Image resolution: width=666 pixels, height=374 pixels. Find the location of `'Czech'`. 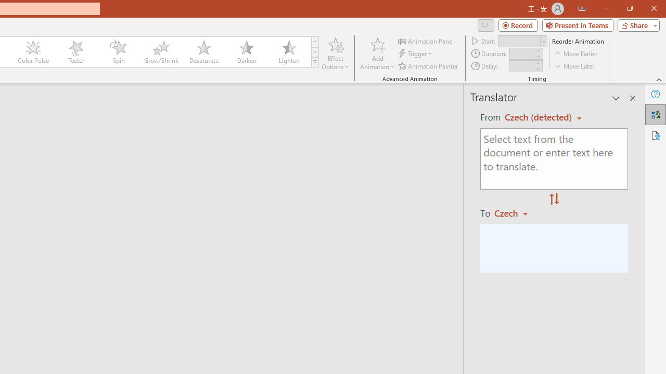

'Czech' is located at coordinates (516, 212).